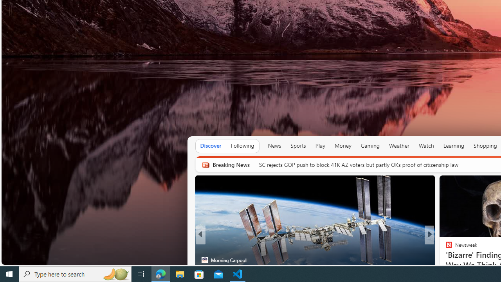  What do you see at coordinates (445, 260) in the screenshot?
I see `'Retailshout'` at bounding box center [445, 260].